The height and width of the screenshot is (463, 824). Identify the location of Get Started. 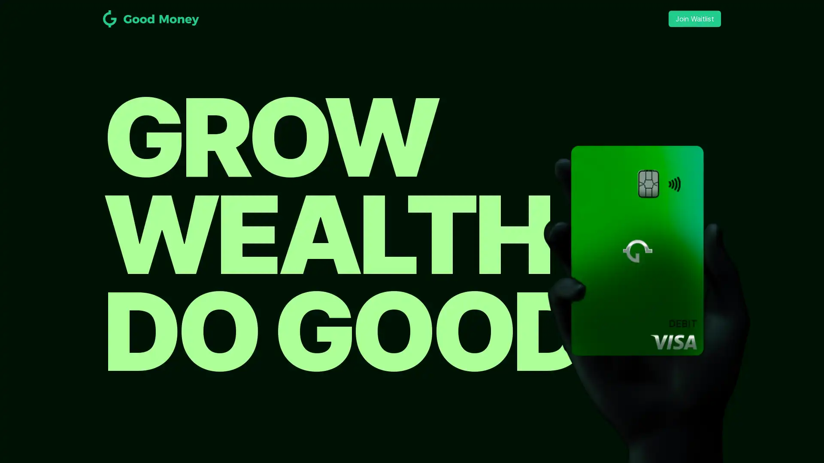
(412, 262).